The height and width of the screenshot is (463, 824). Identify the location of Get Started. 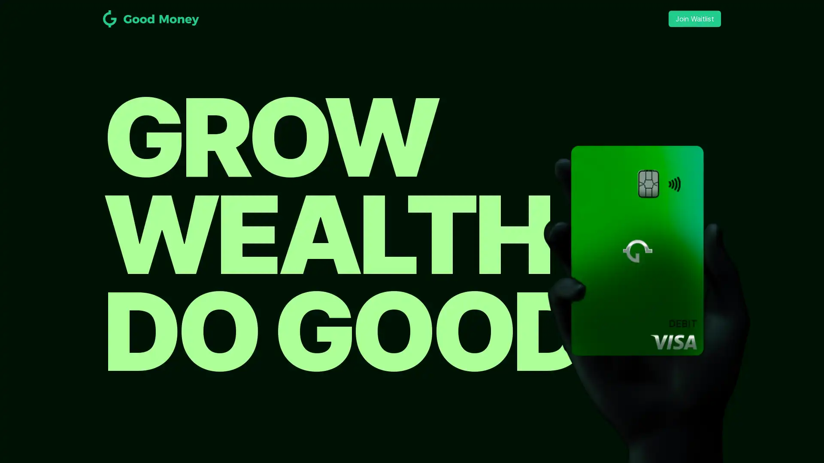
(412, 262).